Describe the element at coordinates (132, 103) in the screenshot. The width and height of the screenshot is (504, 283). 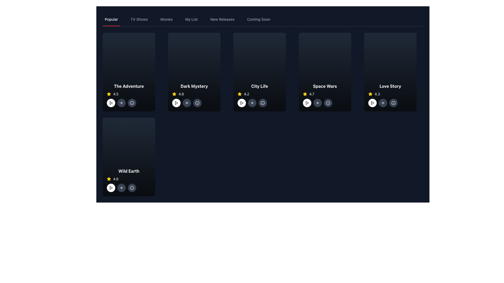
I see `the information icon located in the bottom-right corner of the card for 'The Adventure'` at that location.